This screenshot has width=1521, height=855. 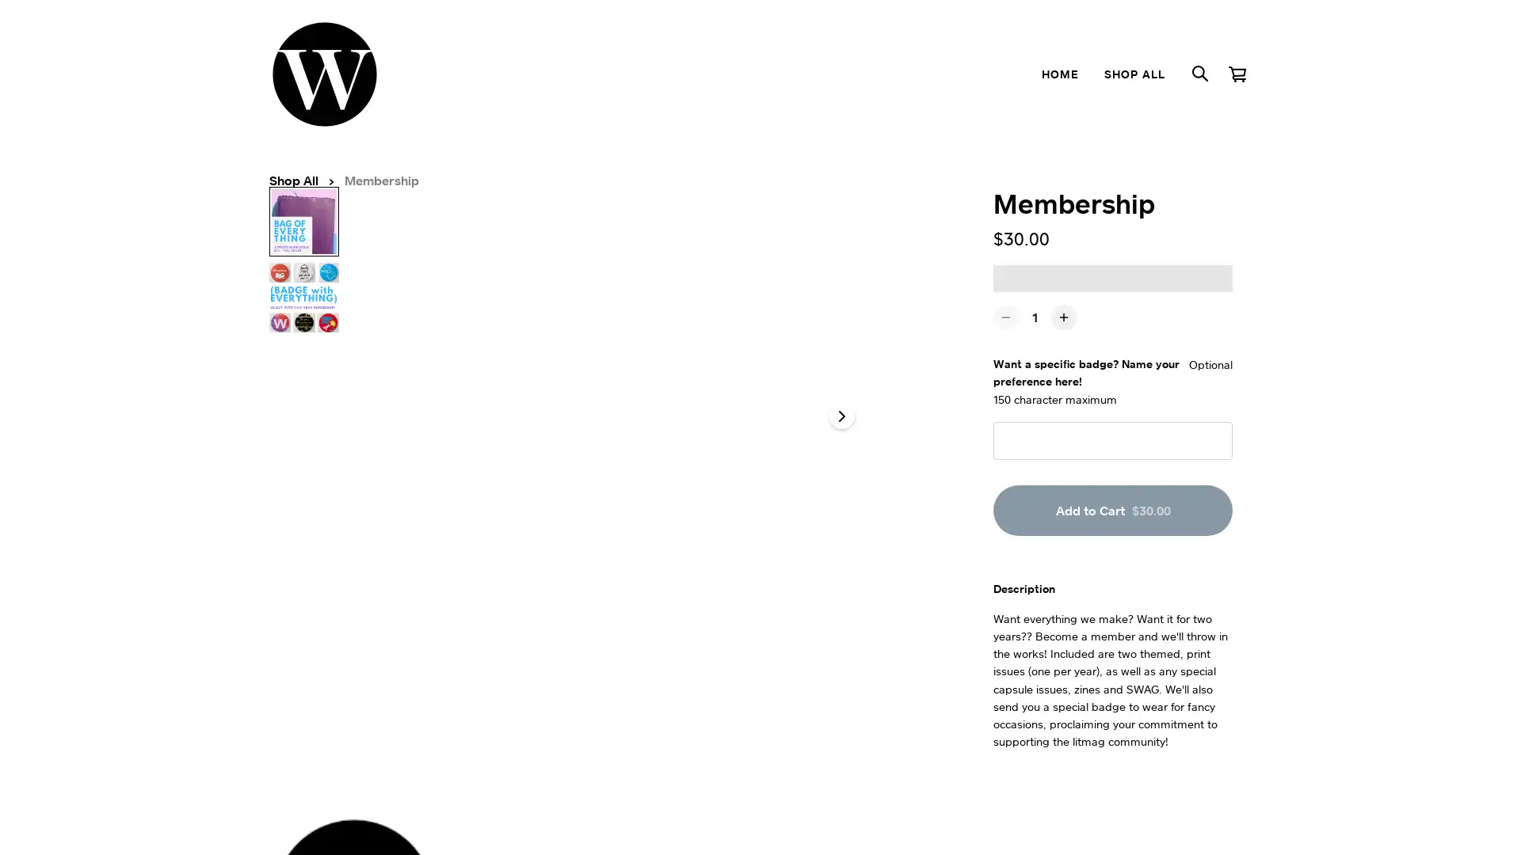 I want to click on Search, so click(x=1200, y=74).